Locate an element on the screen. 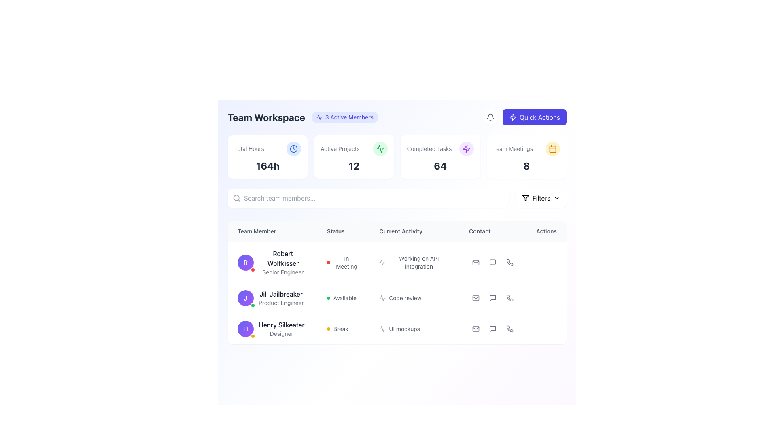 Image resolution: width=777 pixels, height=437 pixels. the Profile Display Item for 'Henry Silkeater' which features a circular avatar with 'H' on a purple gradient background, a yellow status dot, and text below it is located at coordinates (272, 329).